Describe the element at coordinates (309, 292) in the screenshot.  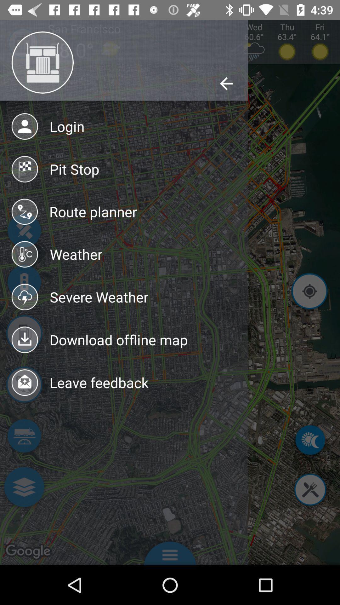
I see `the location_crosshair icon` at that location.